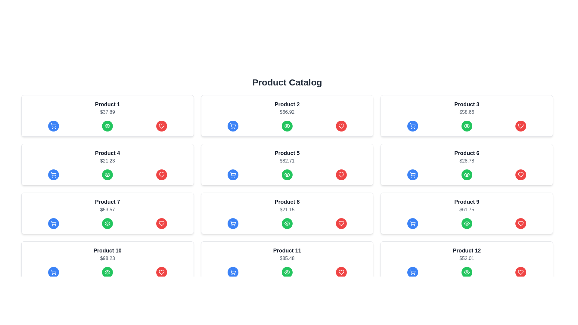  I want to click on the circular button with a red background and a white heart icon, located at the bottom-right corner of the interface corresponding to 'Product 12', to change its appearance, so click(521, 272).